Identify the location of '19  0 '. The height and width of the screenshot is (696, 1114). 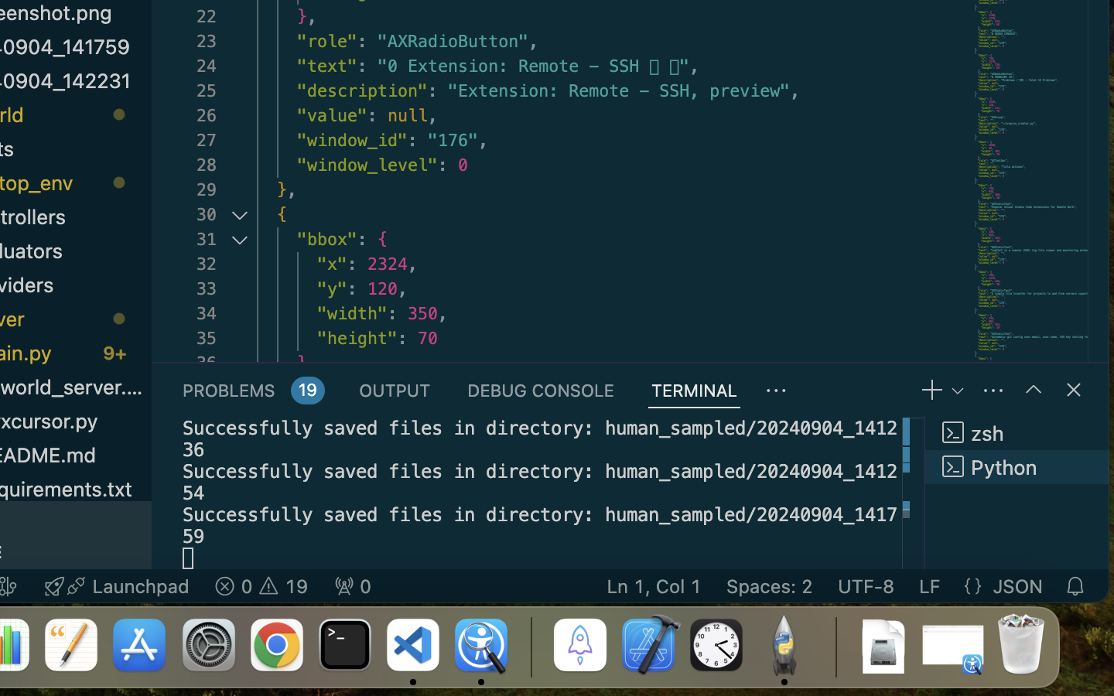
(261, 585).